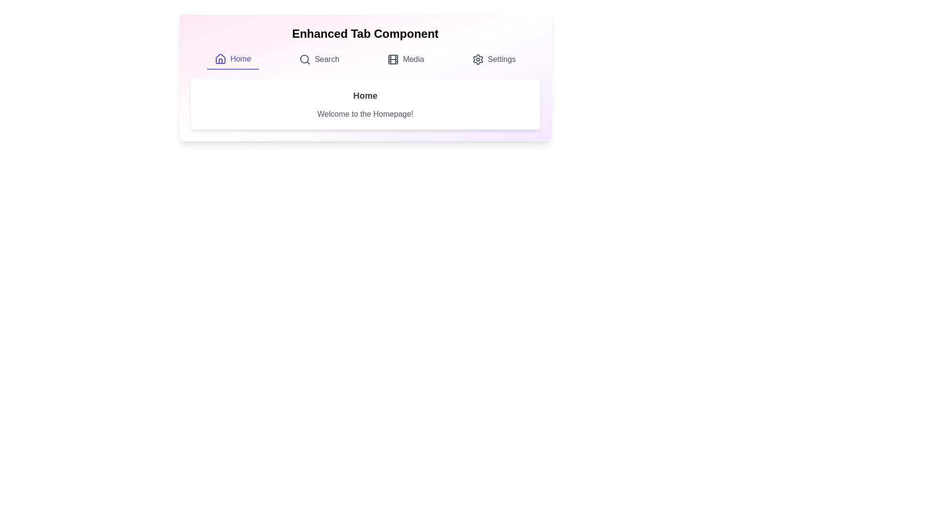  Describe the element at coordinates (494, 60) in the screenshot. I see `the tab labeled Settings` at that location.